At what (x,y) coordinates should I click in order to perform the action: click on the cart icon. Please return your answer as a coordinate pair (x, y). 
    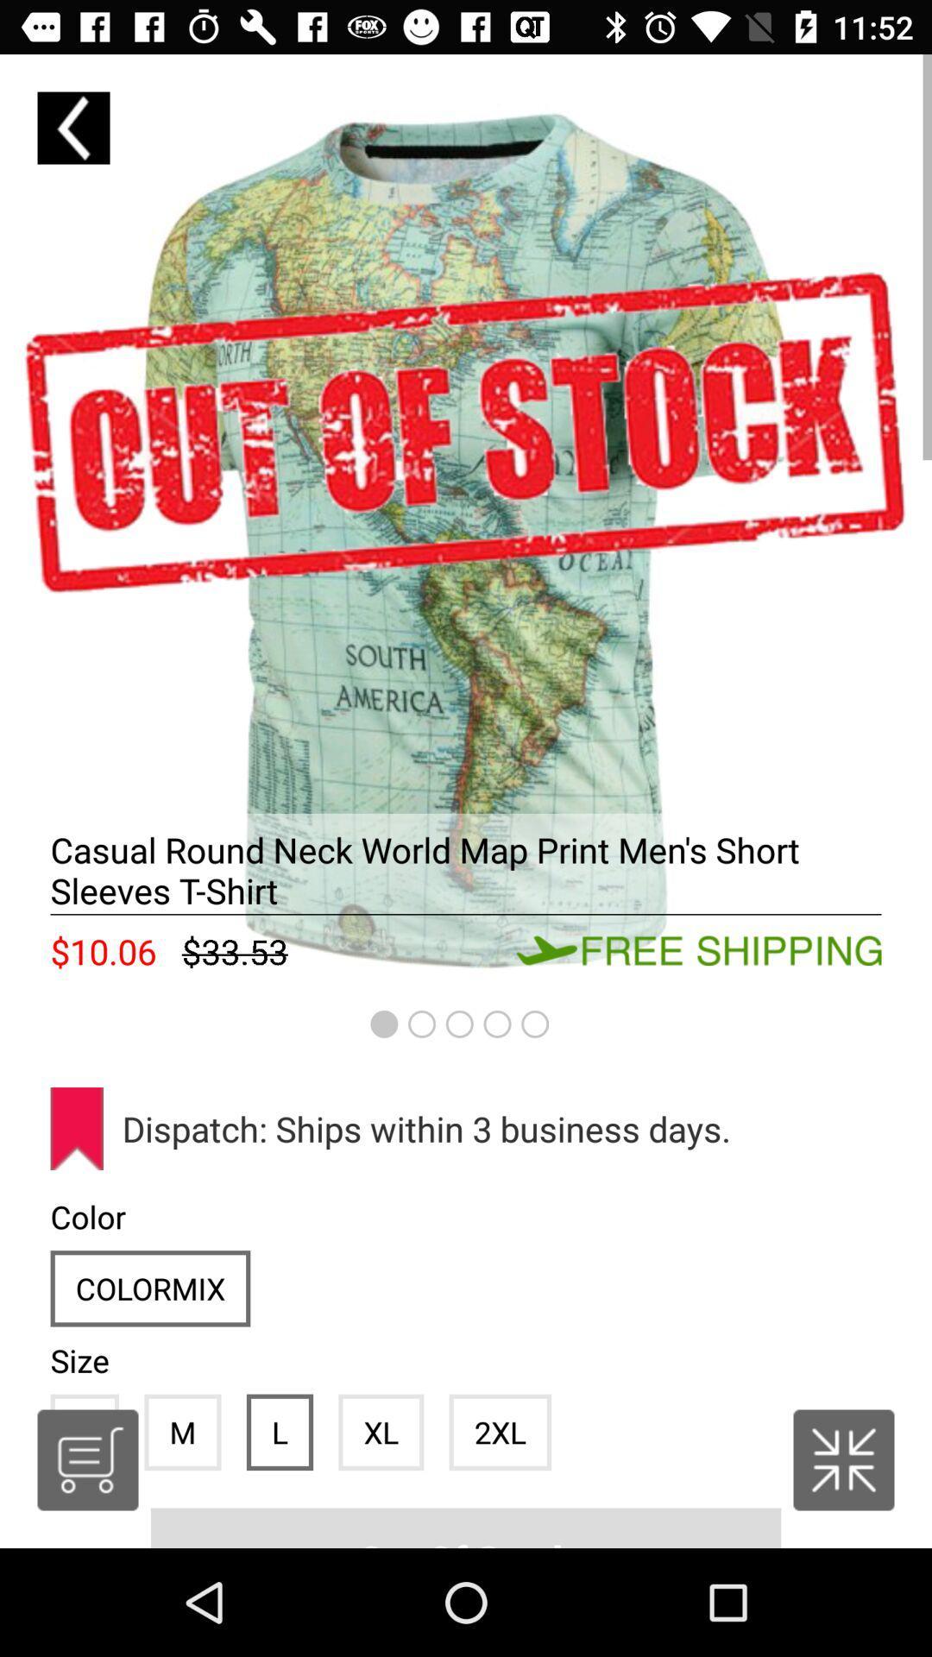
    Looking at the image, I should click on (87, 1459).